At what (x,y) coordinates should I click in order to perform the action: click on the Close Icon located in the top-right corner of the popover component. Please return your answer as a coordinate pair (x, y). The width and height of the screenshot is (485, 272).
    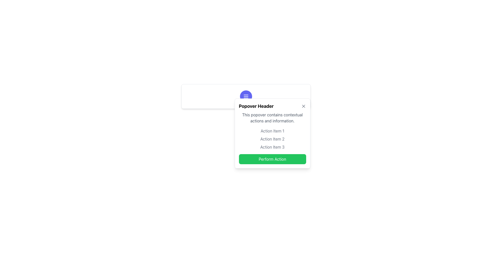
    Looking at the image, I should click on (303, 106).